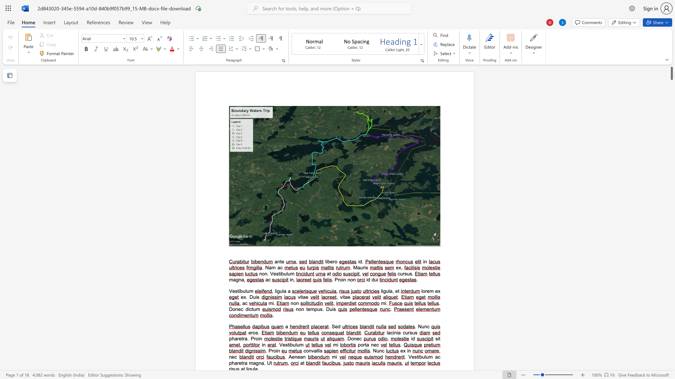 The image size is (675, 379). What do you see at coordinates (235, 291) in the screenshot?
I see `the space between the continuous character "e" and "s" in the text` at bounding box center [235, 291].